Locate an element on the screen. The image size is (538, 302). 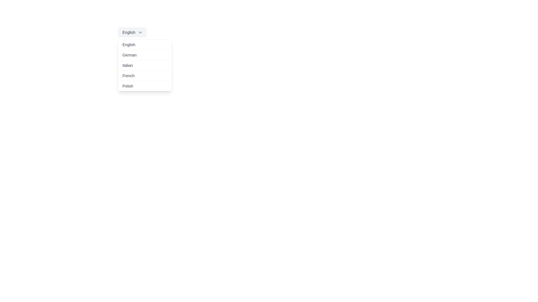
the 'Polish' dropdown menu item, which is the fifth option in the list is located at coordinates (145, 86).